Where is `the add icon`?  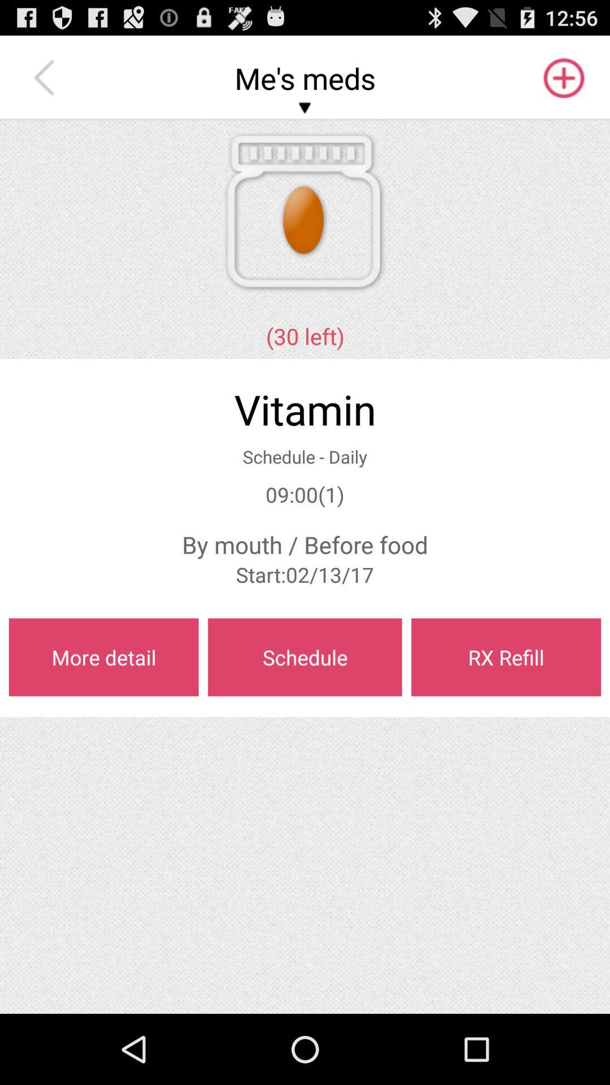
the add icon is located at coordinates (563, 83).